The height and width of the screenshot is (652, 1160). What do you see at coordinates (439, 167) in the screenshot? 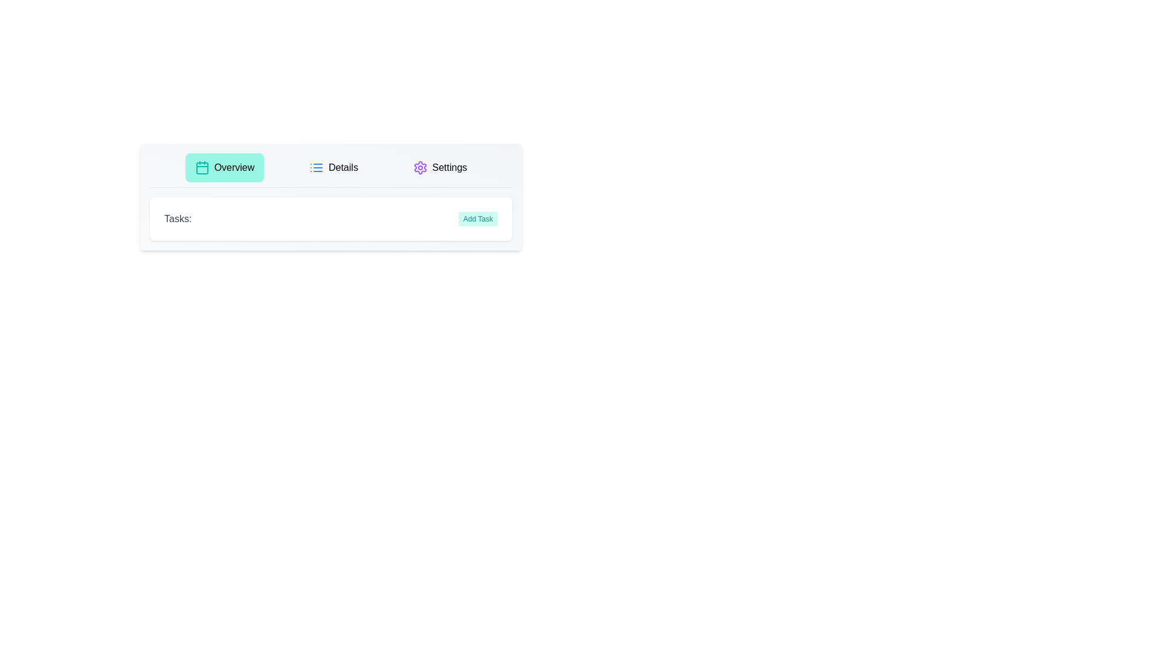
I see `the Settings Button to observe its hover effect` at bounding box center [439, 167].